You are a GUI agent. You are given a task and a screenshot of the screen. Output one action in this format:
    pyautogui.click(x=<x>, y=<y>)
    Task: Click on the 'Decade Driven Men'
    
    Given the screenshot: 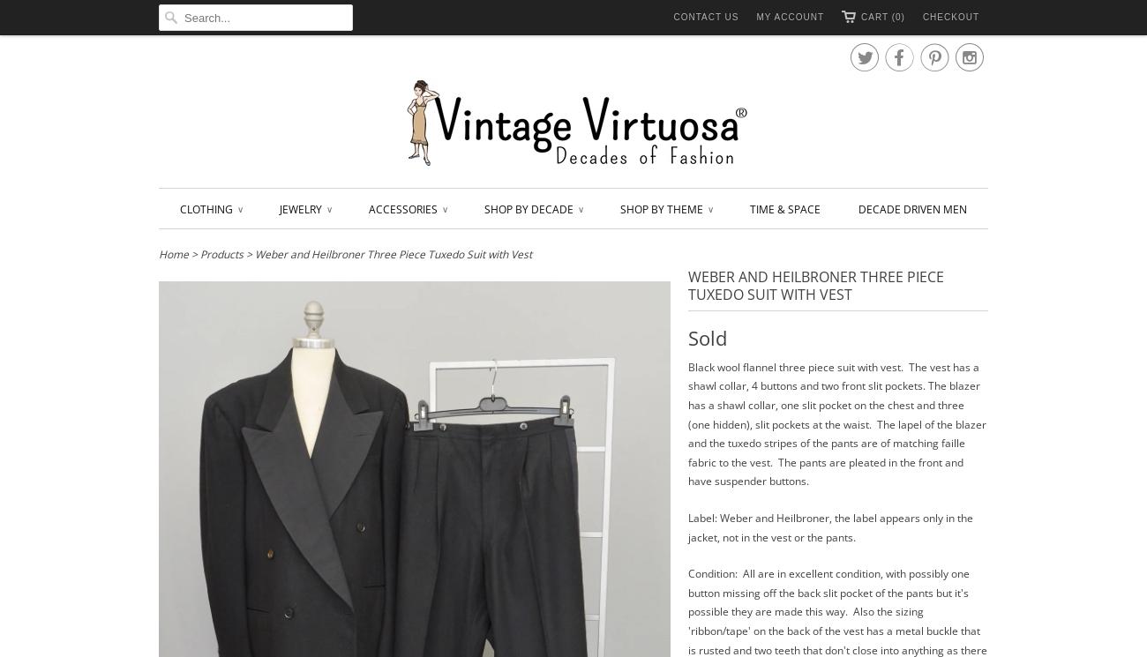 What is the action you would take?
    pyautogui.click(x=912, y=208)
    